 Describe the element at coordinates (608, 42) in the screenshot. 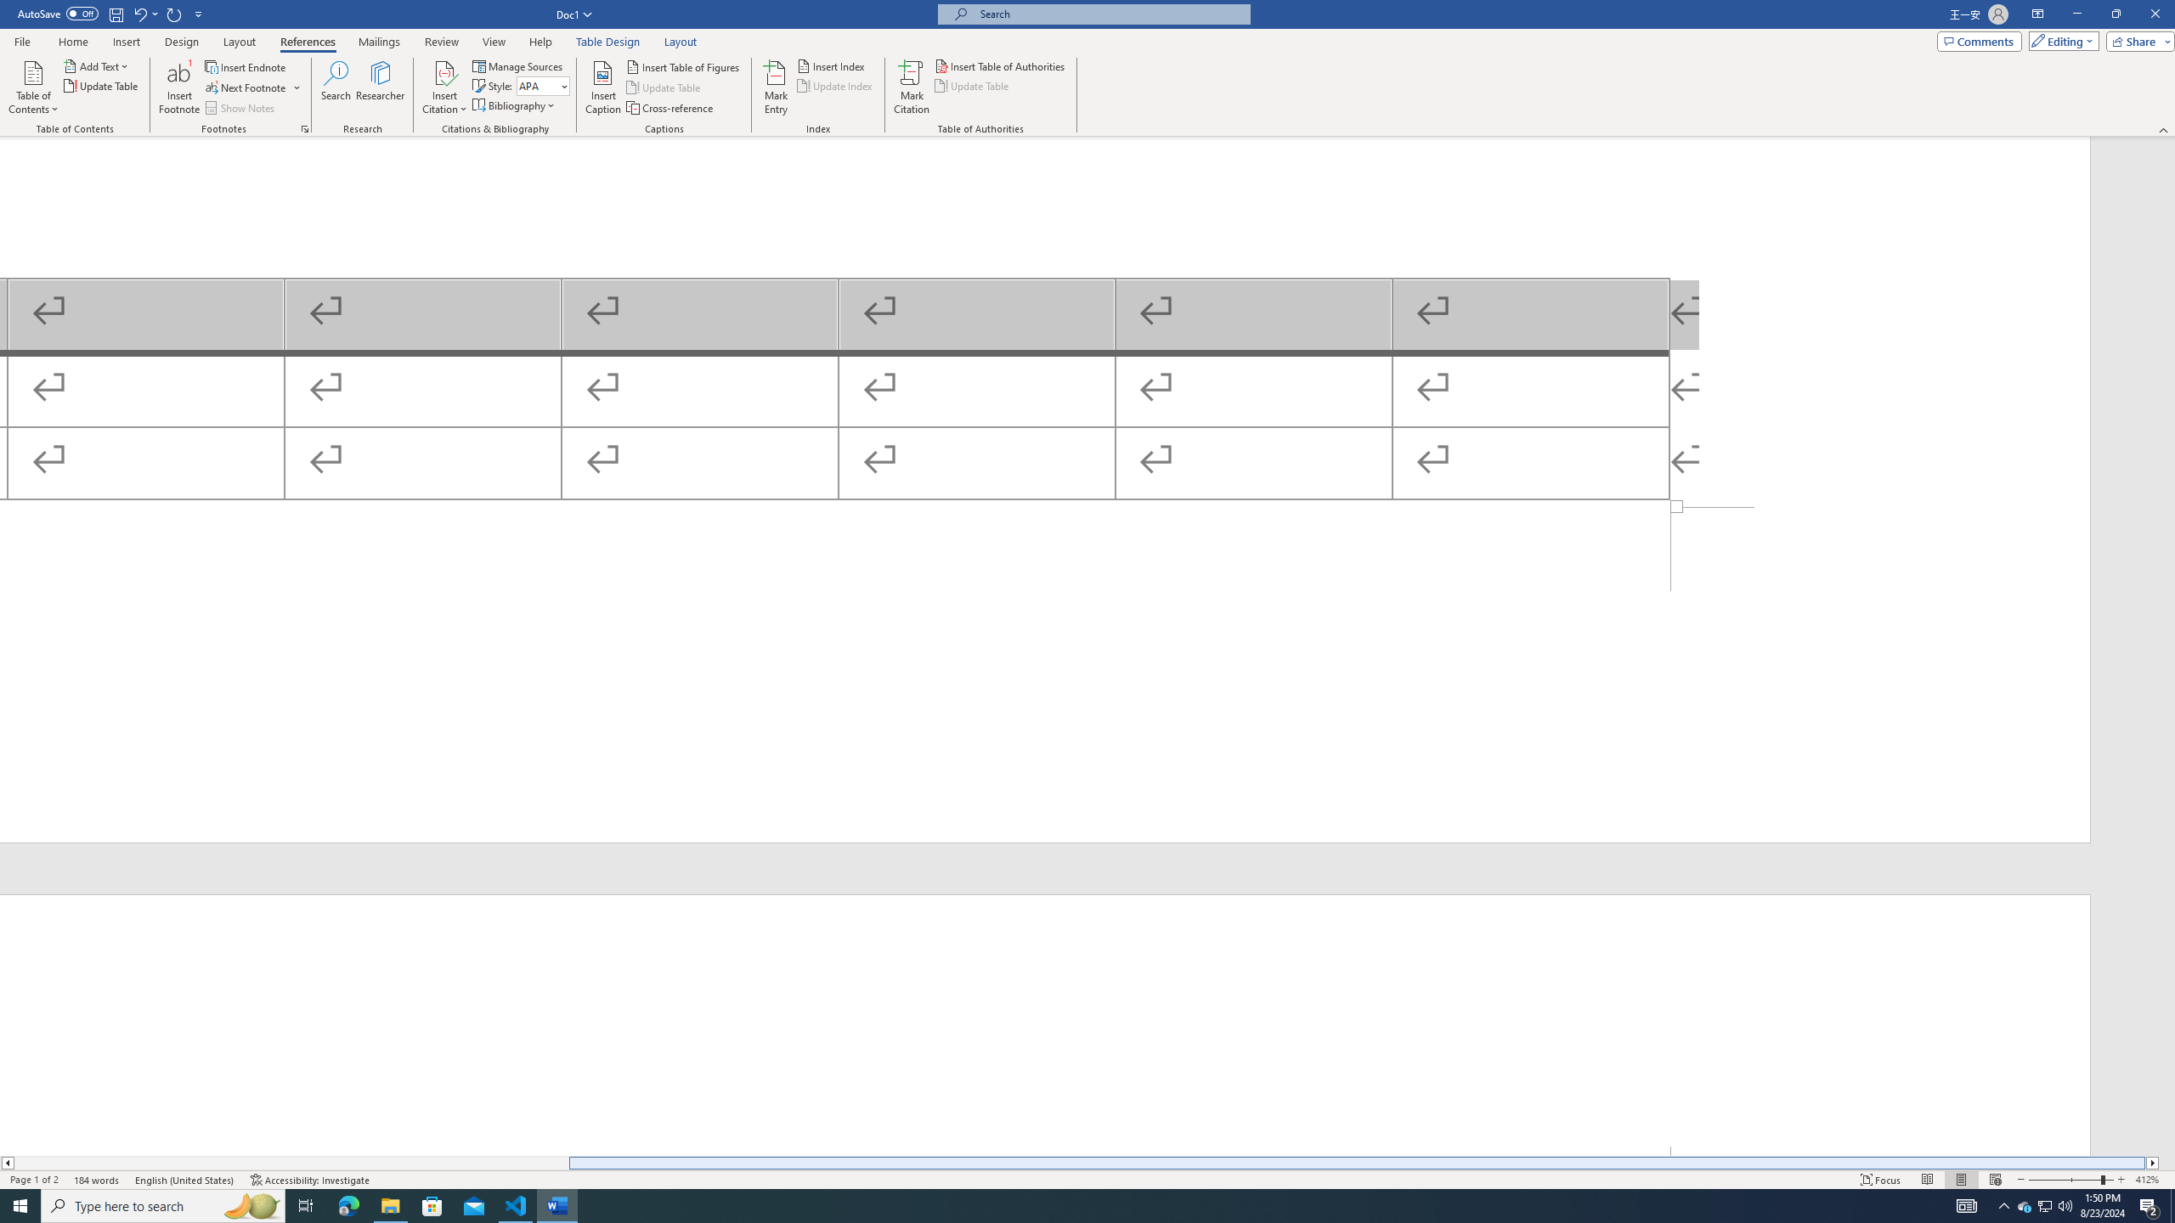

I see `'Table Design'` at that location.